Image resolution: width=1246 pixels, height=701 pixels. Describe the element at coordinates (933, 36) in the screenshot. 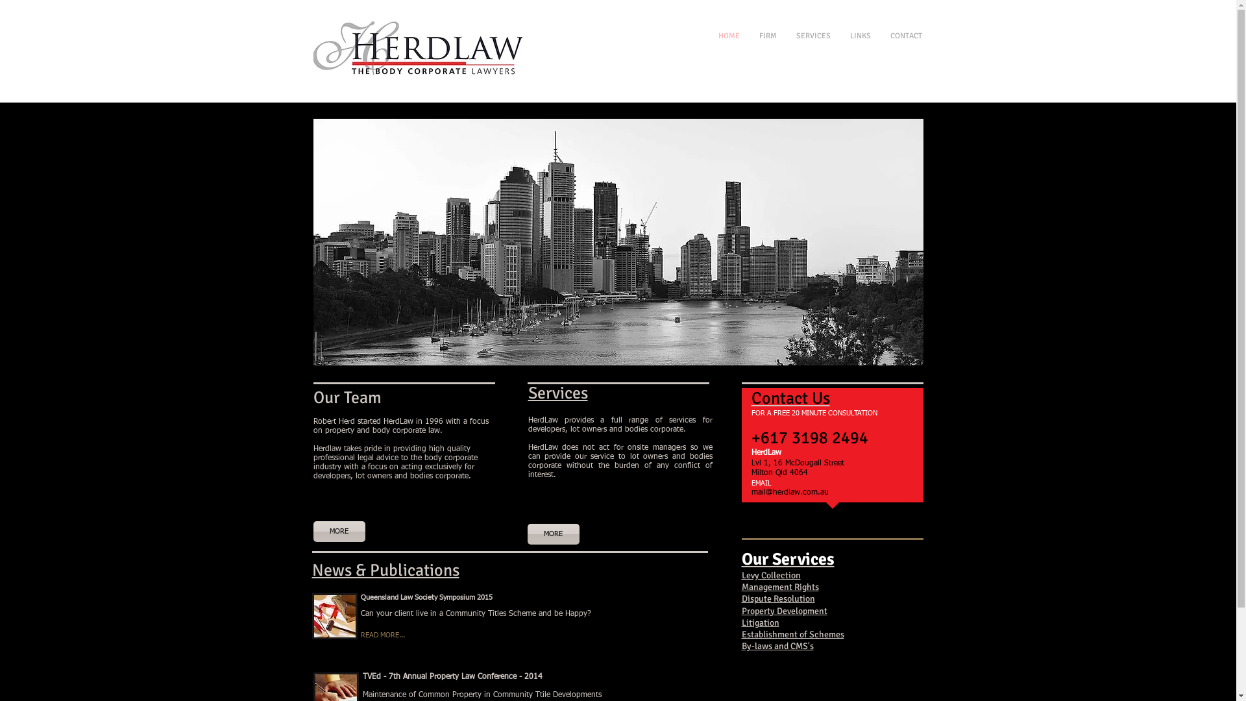

I see `'CONTACT'` at that location.